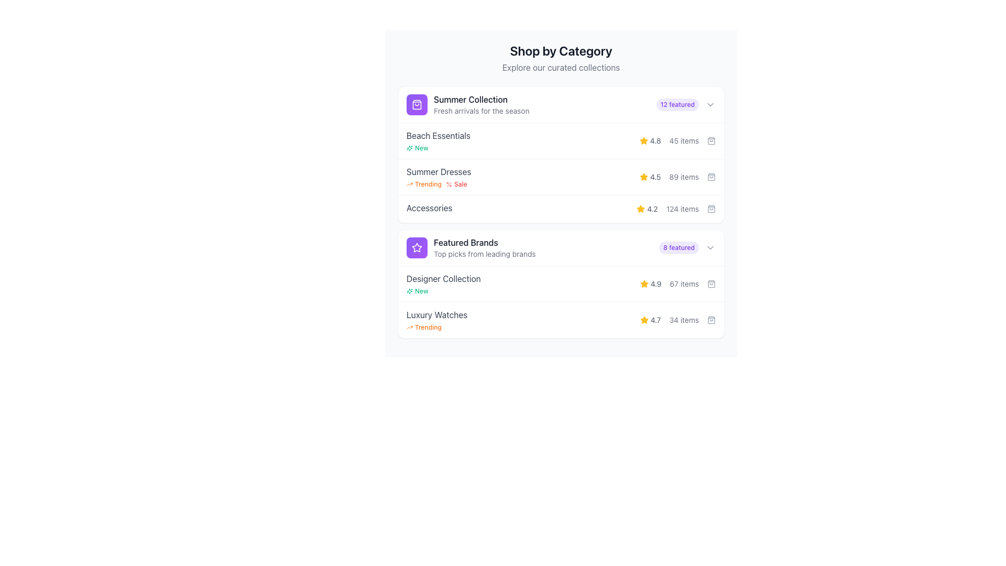 Image resolution: width=1006 pixels, height=566 pixels. What do you see at coordinates (409, 148) in the screenshot?
I see `the SVG icon resembling sparkles, which is styled with the class 'lucide-sparkles' and positioned to the left of the 'New' label` at bounding box center [409, 148].